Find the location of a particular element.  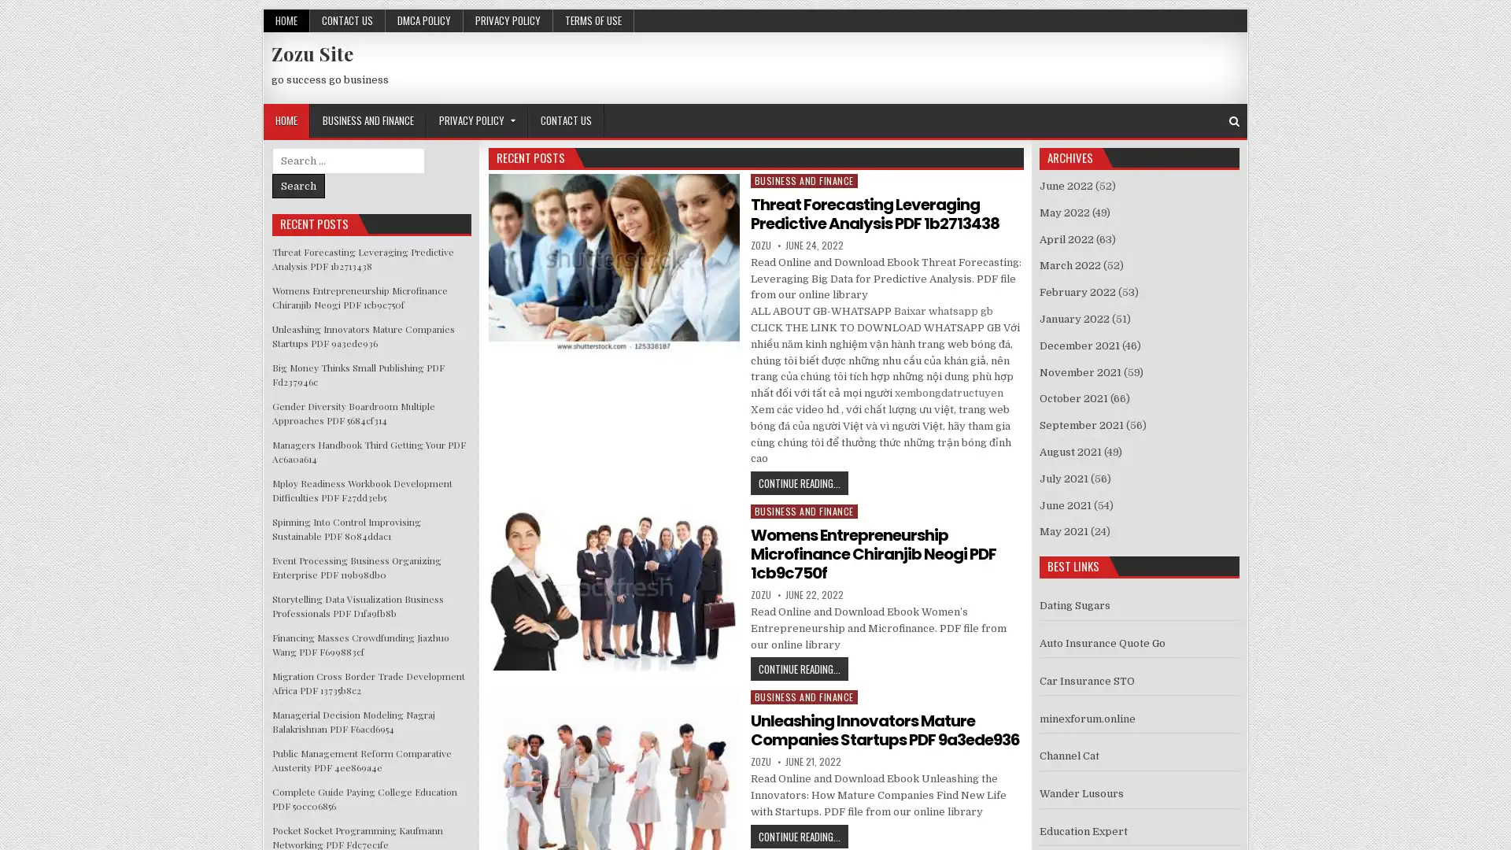

Search is located at coordinates (297, 185).